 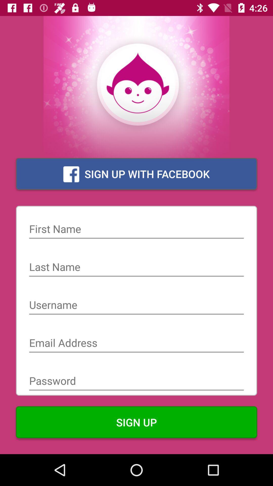 What do you see at coordinates (136, 381) in the screenshot?
I see `password` at bounding box center [136, 381].